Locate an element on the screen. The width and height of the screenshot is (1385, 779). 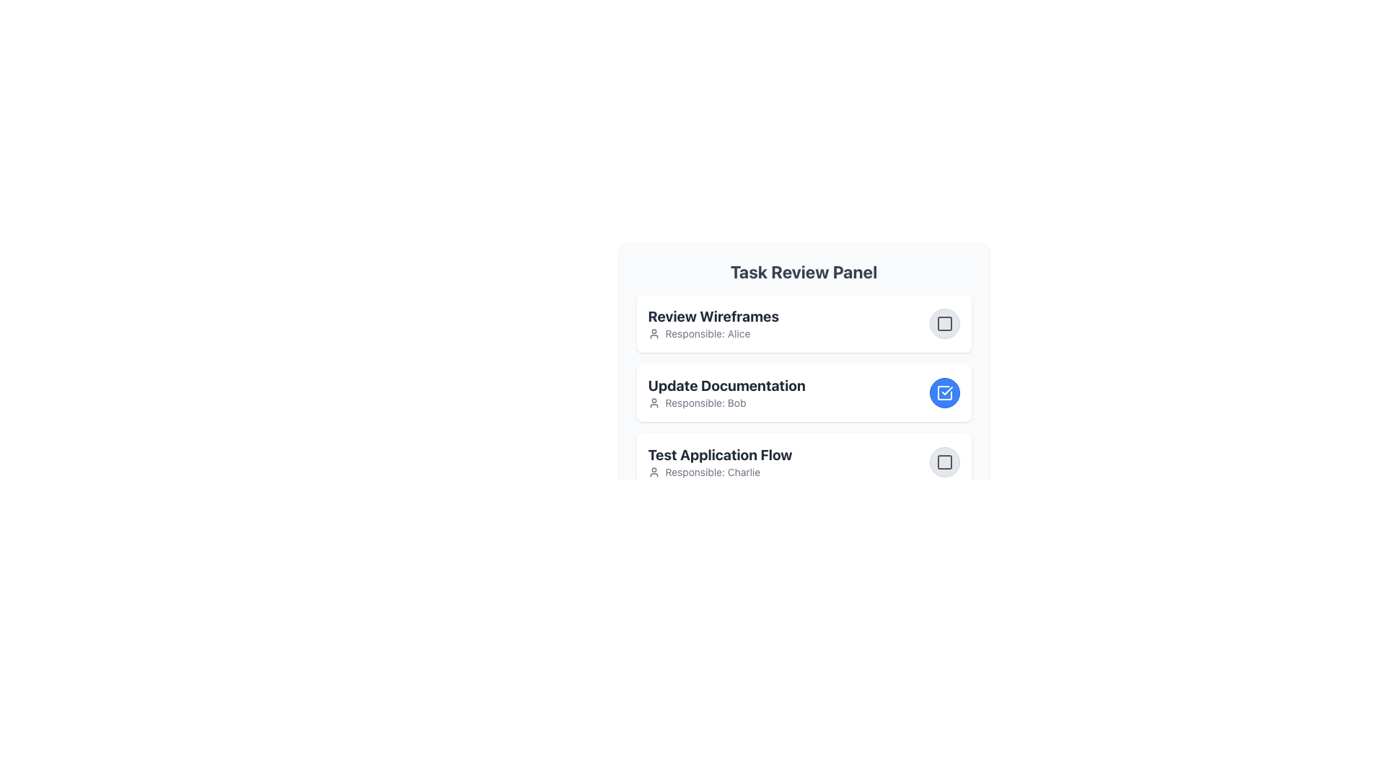
the text label 'Responsible: Bob' with a user silhouette icon, located within the 'Update Documentation' group is located at coordinates (726, 403).